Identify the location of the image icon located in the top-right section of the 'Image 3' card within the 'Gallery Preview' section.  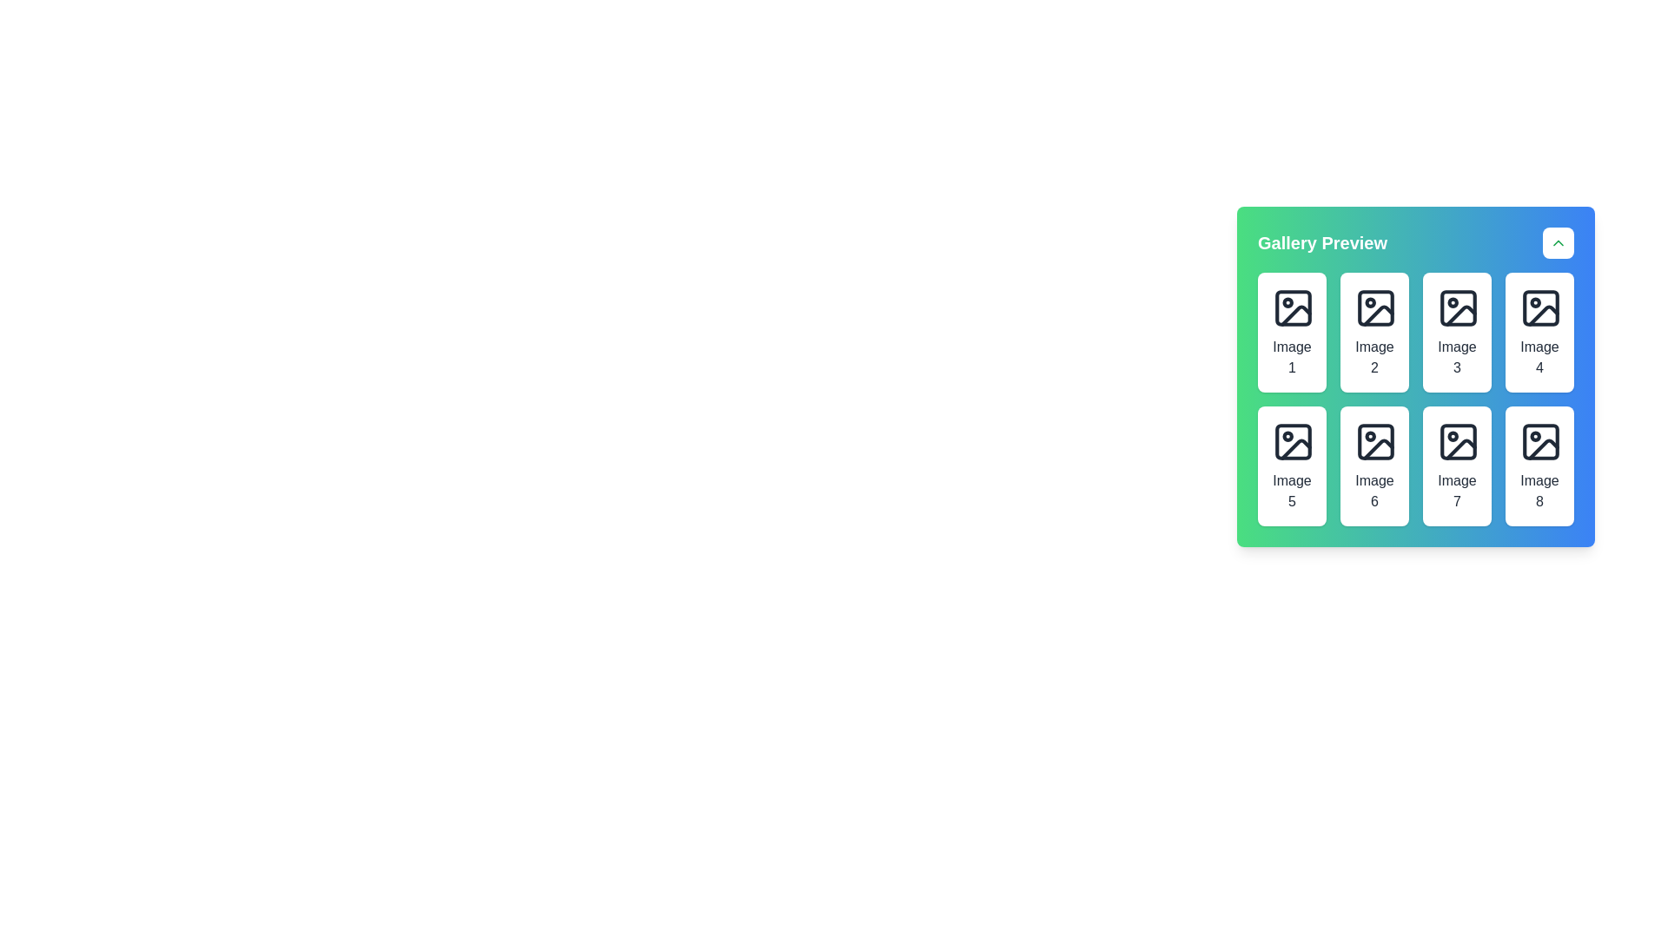
(1459, 307).